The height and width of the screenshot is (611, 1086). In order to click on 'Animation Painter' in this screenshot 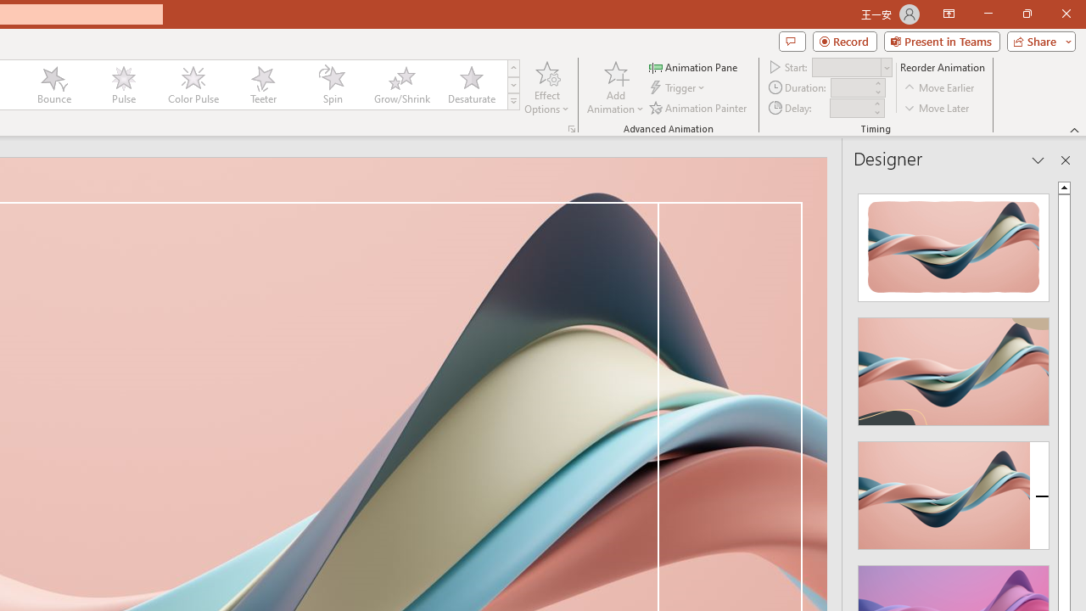, I will do `click(699, 108)`.